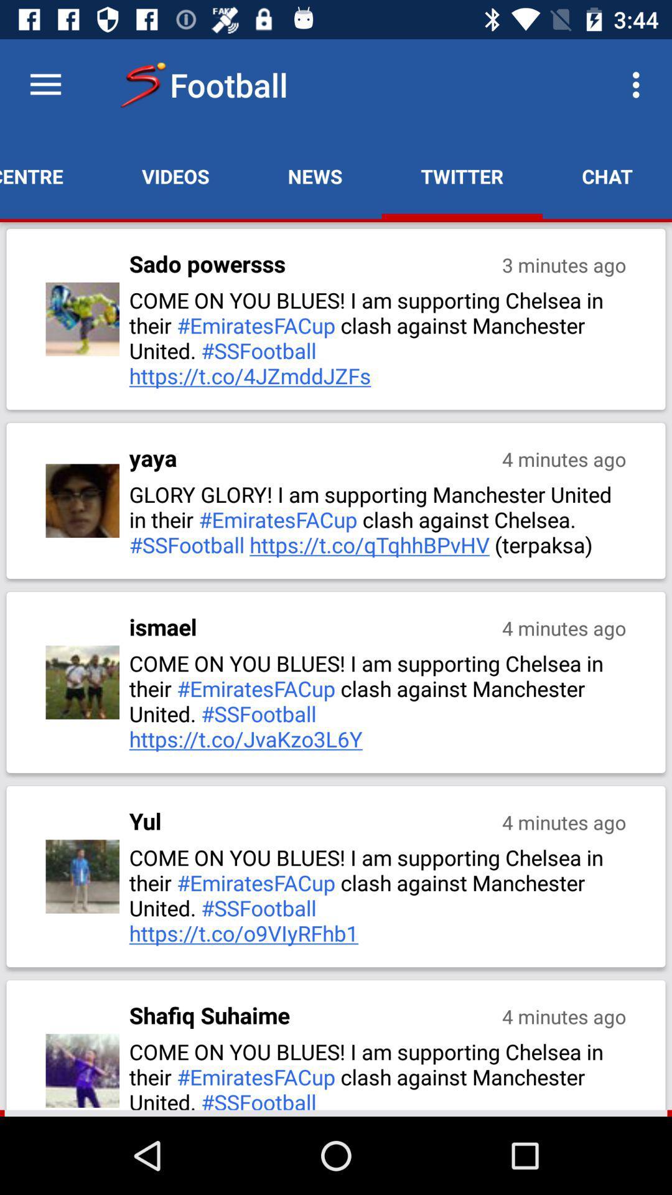 Image resolution: width=672 pixels, height=1195 pixels. I want to click on the icon to the left of the videos item, so click(50, 176).